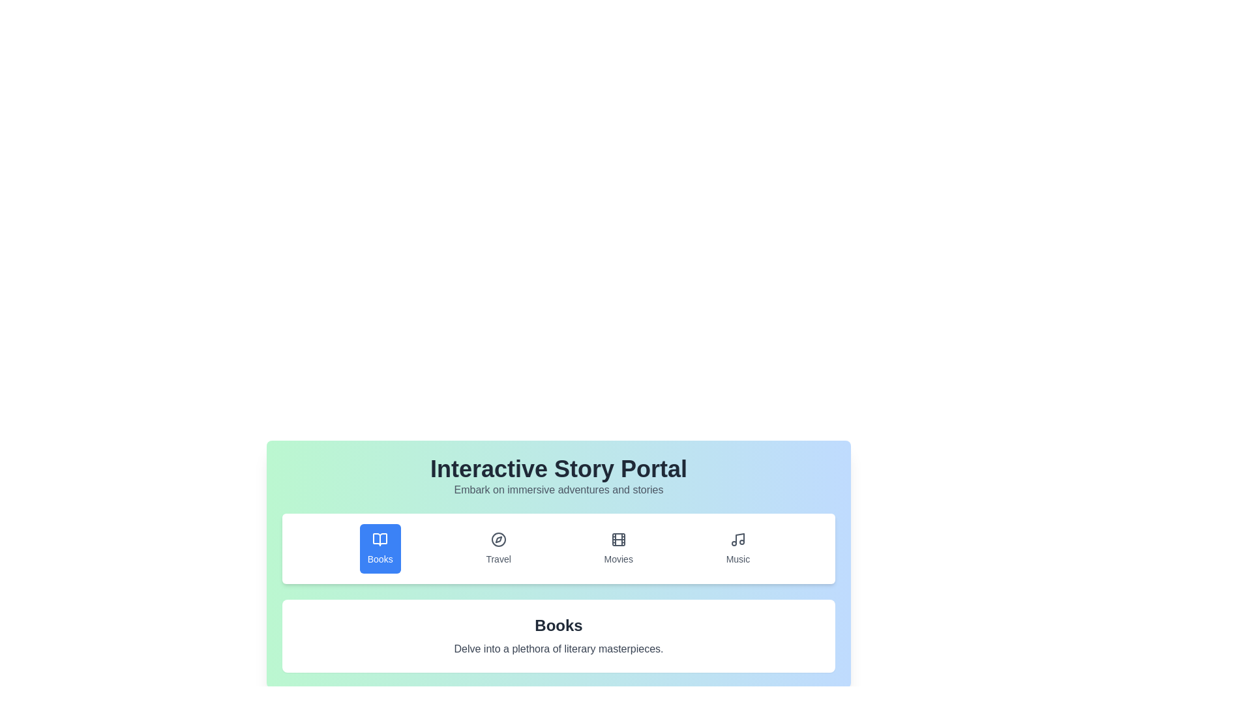  Describe the element at coordinates (498, 558) in the screenshot. I see `text label displaying 'Travel' which is part of a navigation button located below a compass icon in the horizontal menu bar` at that location.